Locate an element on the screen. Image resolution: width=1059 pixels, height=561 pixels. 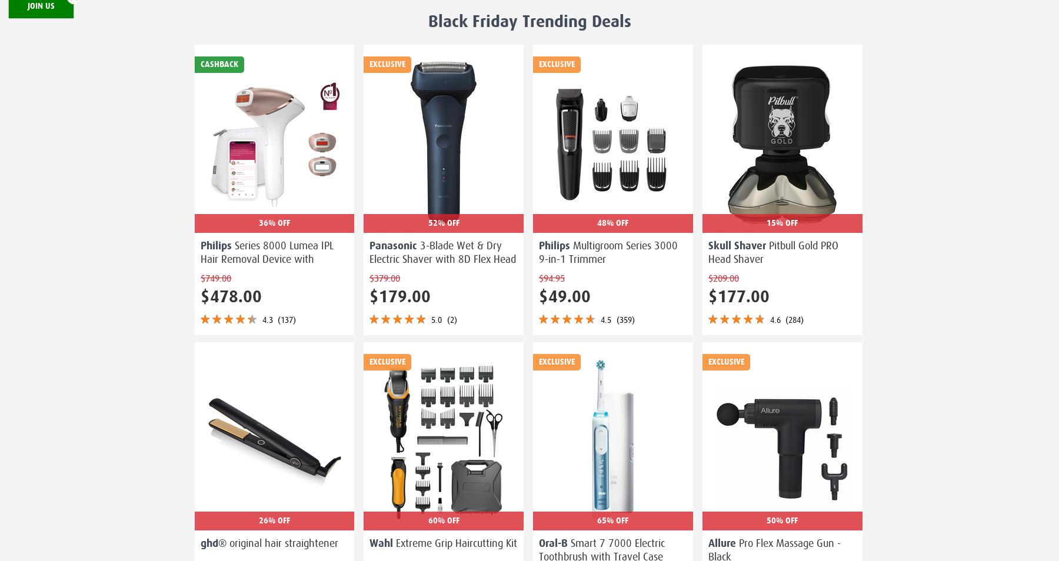
'(137)' is located at coordinates (277, 319).